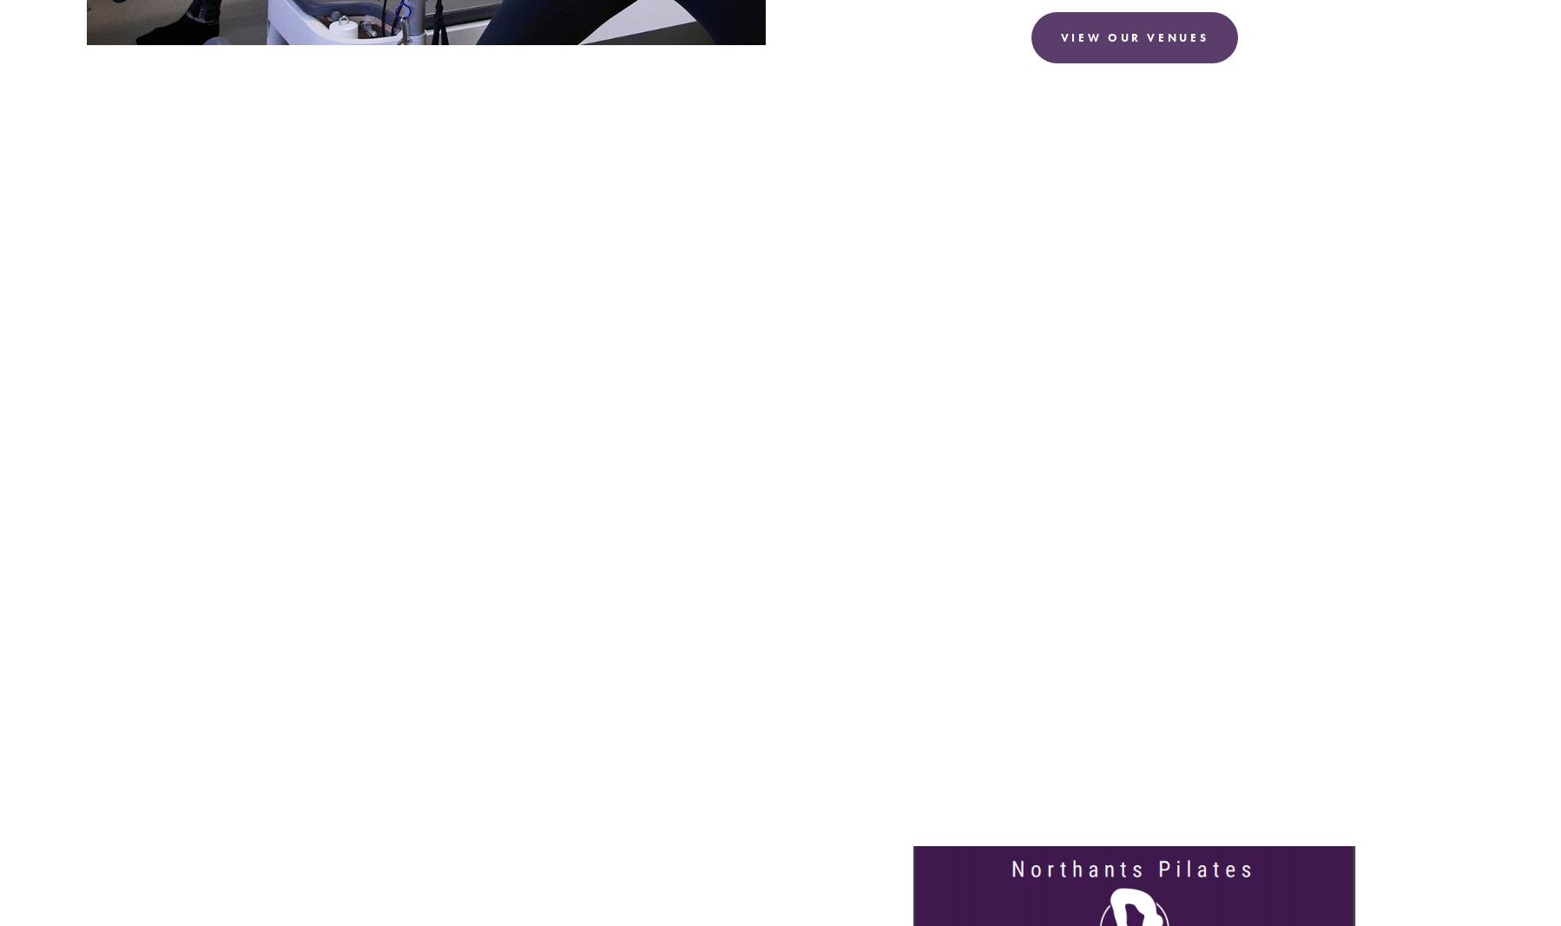 This screenshot has height=926, width=1561. I want to click on 'Get your free copy of the', so click(203, 864).